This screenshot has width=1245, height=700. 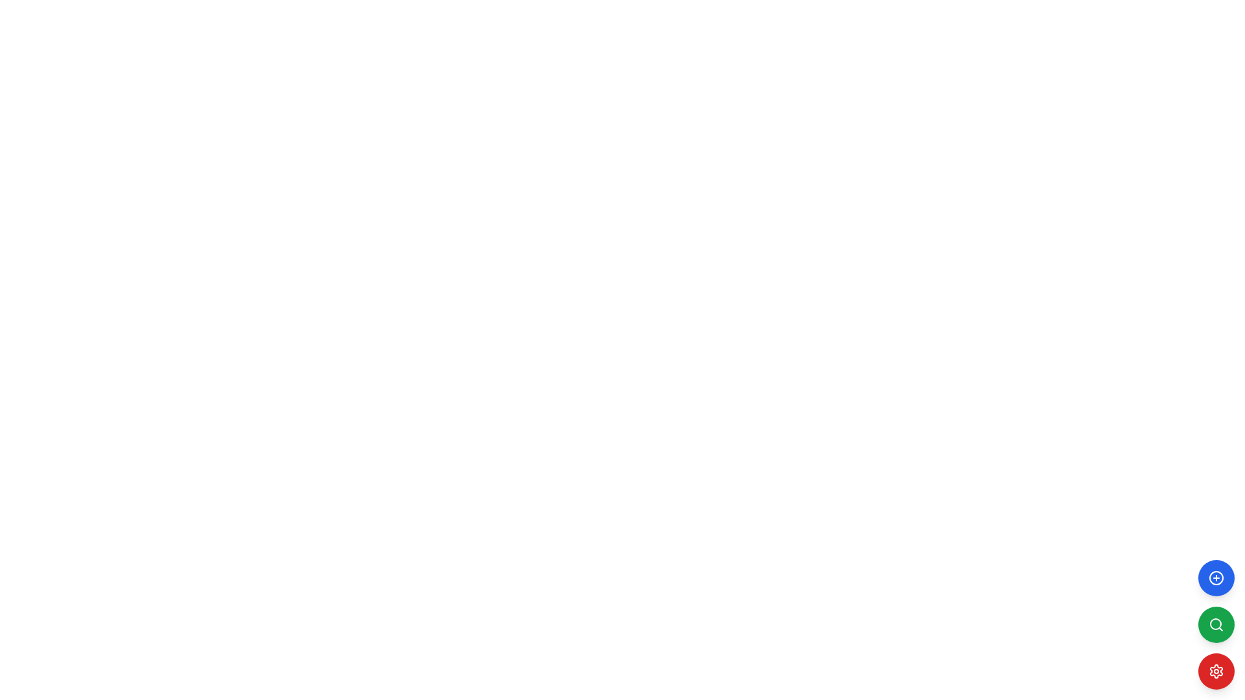 I want to click on the middle circular button with a green background and magnifying glass icon, so click(x=1216, y=624).